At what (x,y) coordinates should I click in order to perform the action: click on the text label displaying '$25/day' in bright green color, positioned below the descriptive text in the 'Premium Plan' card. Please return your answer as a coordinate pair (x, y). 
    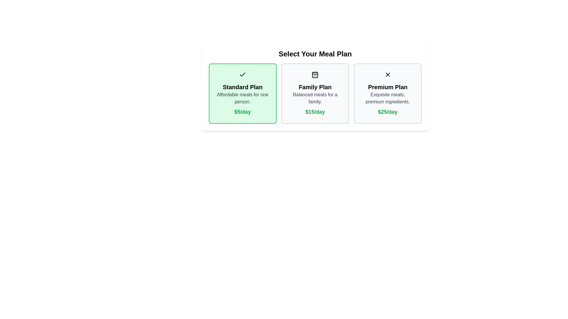
    Looking at the image, I should click on (388, 112).